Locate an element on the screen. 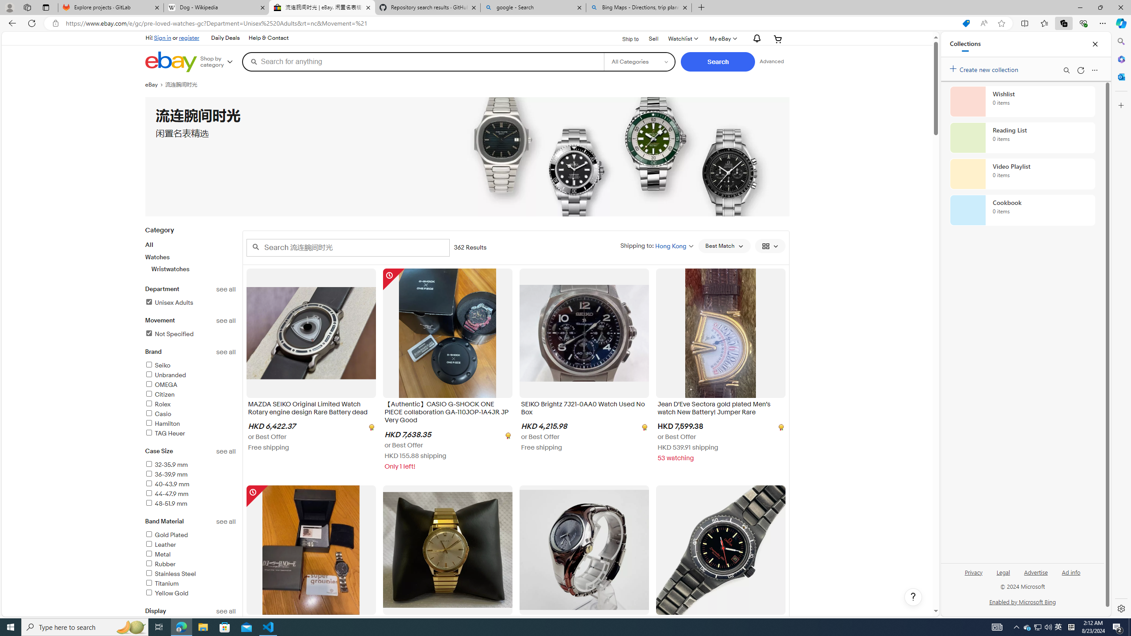  '44-47.9 mm' is located at coordinates (166, 494).